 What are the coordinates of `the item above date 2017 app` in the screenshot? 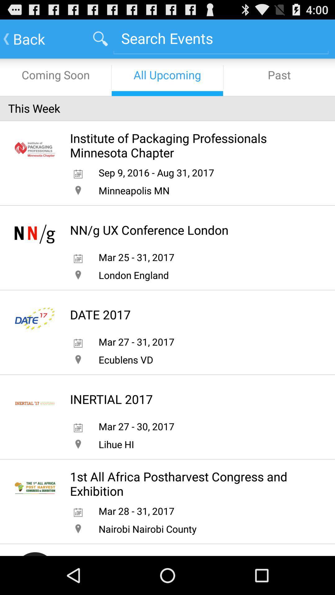 It's located at (133, 275).